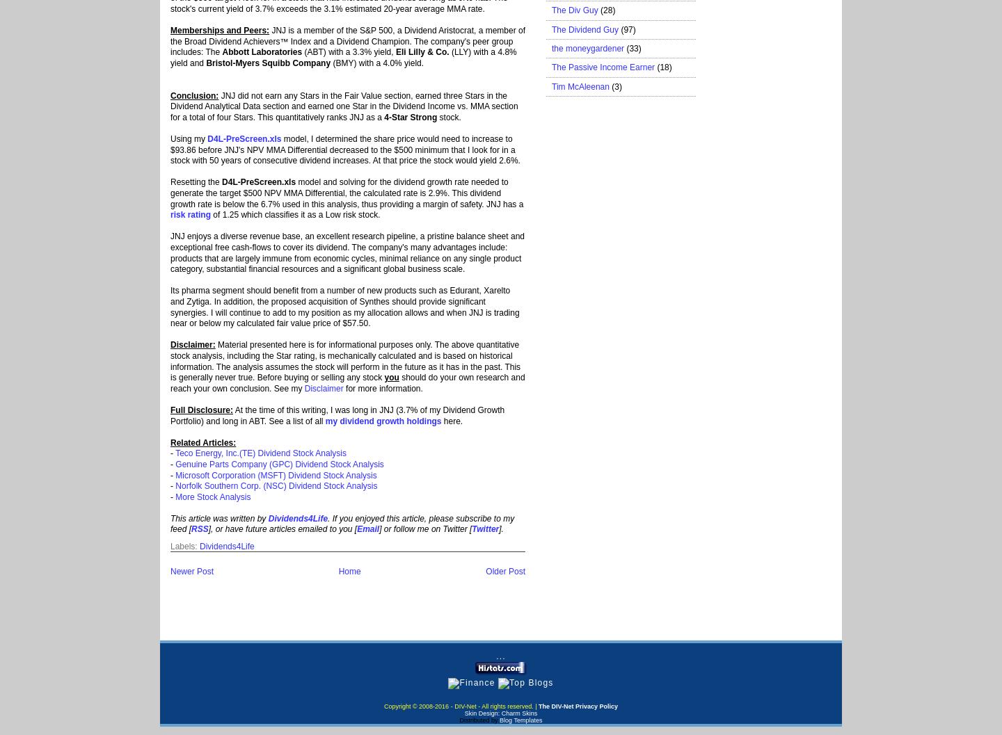 This screenshot has width=1002, height=735. I want to click on 'Bristol-Myers Squibb Company', so click(267, 61).